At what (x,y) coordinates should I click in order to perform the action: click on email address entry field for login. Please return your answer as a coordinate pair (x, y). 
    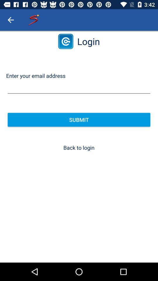
    Looking at the image, I should click on (79, 88).